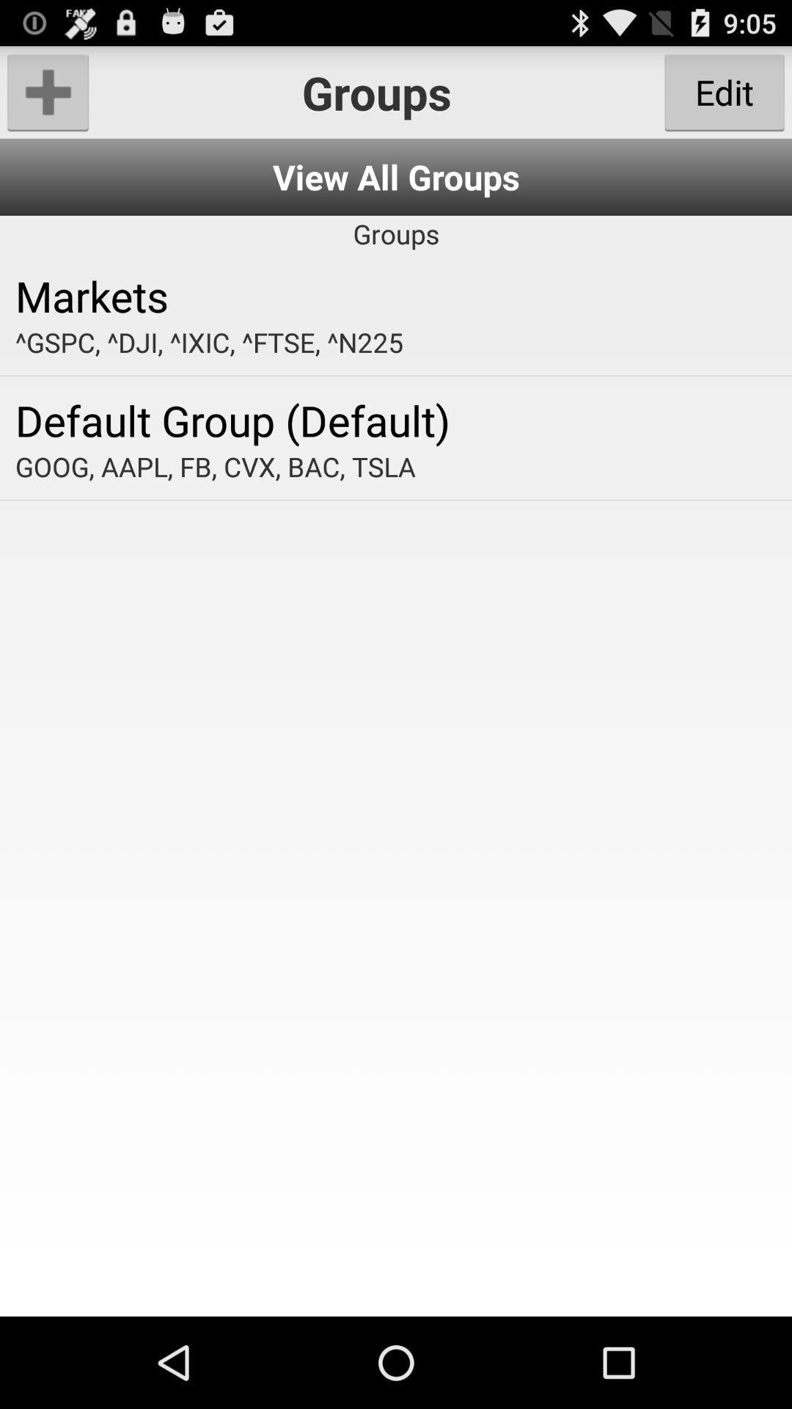 This screenshot has height=1409, width=792. I want to click on the view all groups item, so click(396, 176).